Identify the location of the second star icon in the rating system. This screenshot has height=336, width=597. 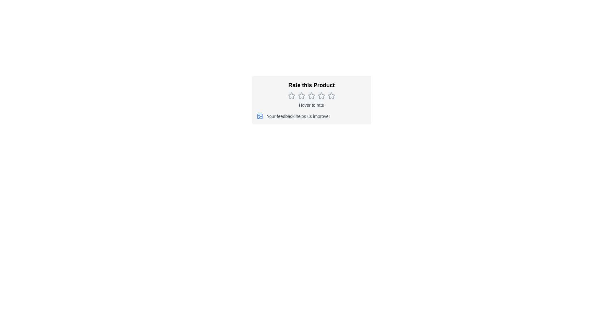
(301, 96).